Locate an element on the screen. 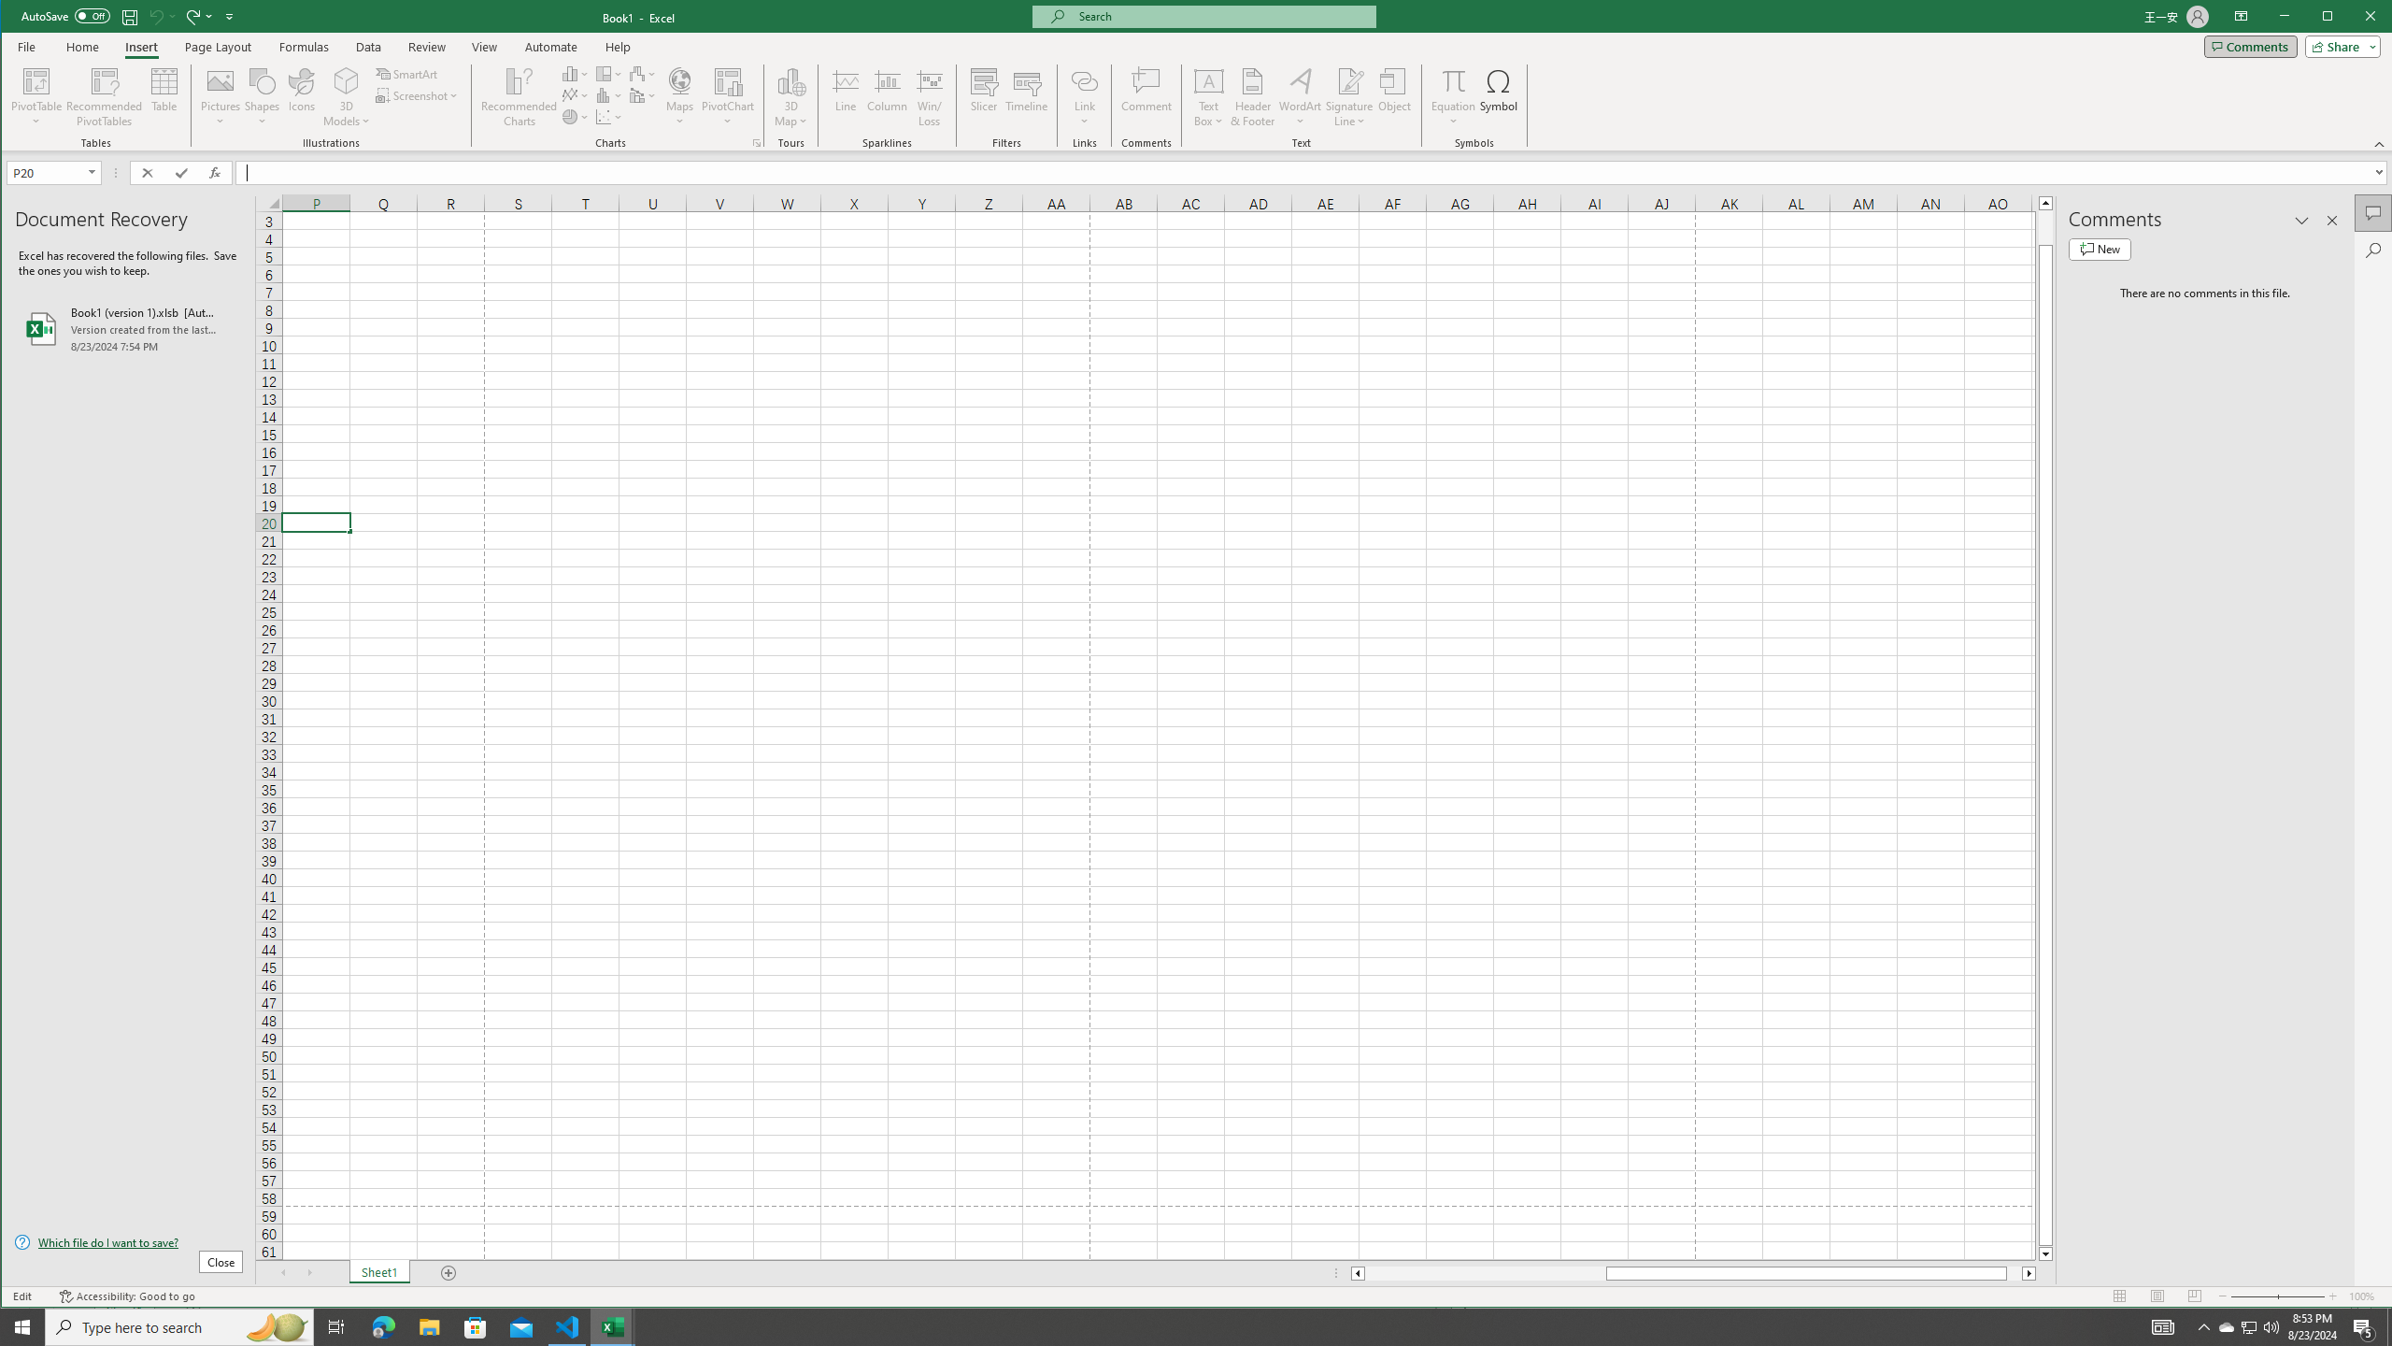 The height and width of the screenshot is (1346, 2392). 'Add Sheet' is located at coordinates (448, 1273).